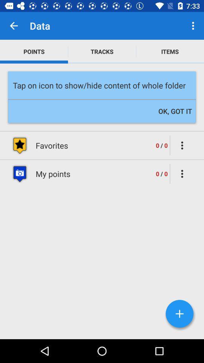 Image resolution: width=204 pixels, height=363 pixels. What do you see at coordinates (170, 51) in the screenshot?
I see `the icon to the right of tracks icon` at bounding box center [170, 51].